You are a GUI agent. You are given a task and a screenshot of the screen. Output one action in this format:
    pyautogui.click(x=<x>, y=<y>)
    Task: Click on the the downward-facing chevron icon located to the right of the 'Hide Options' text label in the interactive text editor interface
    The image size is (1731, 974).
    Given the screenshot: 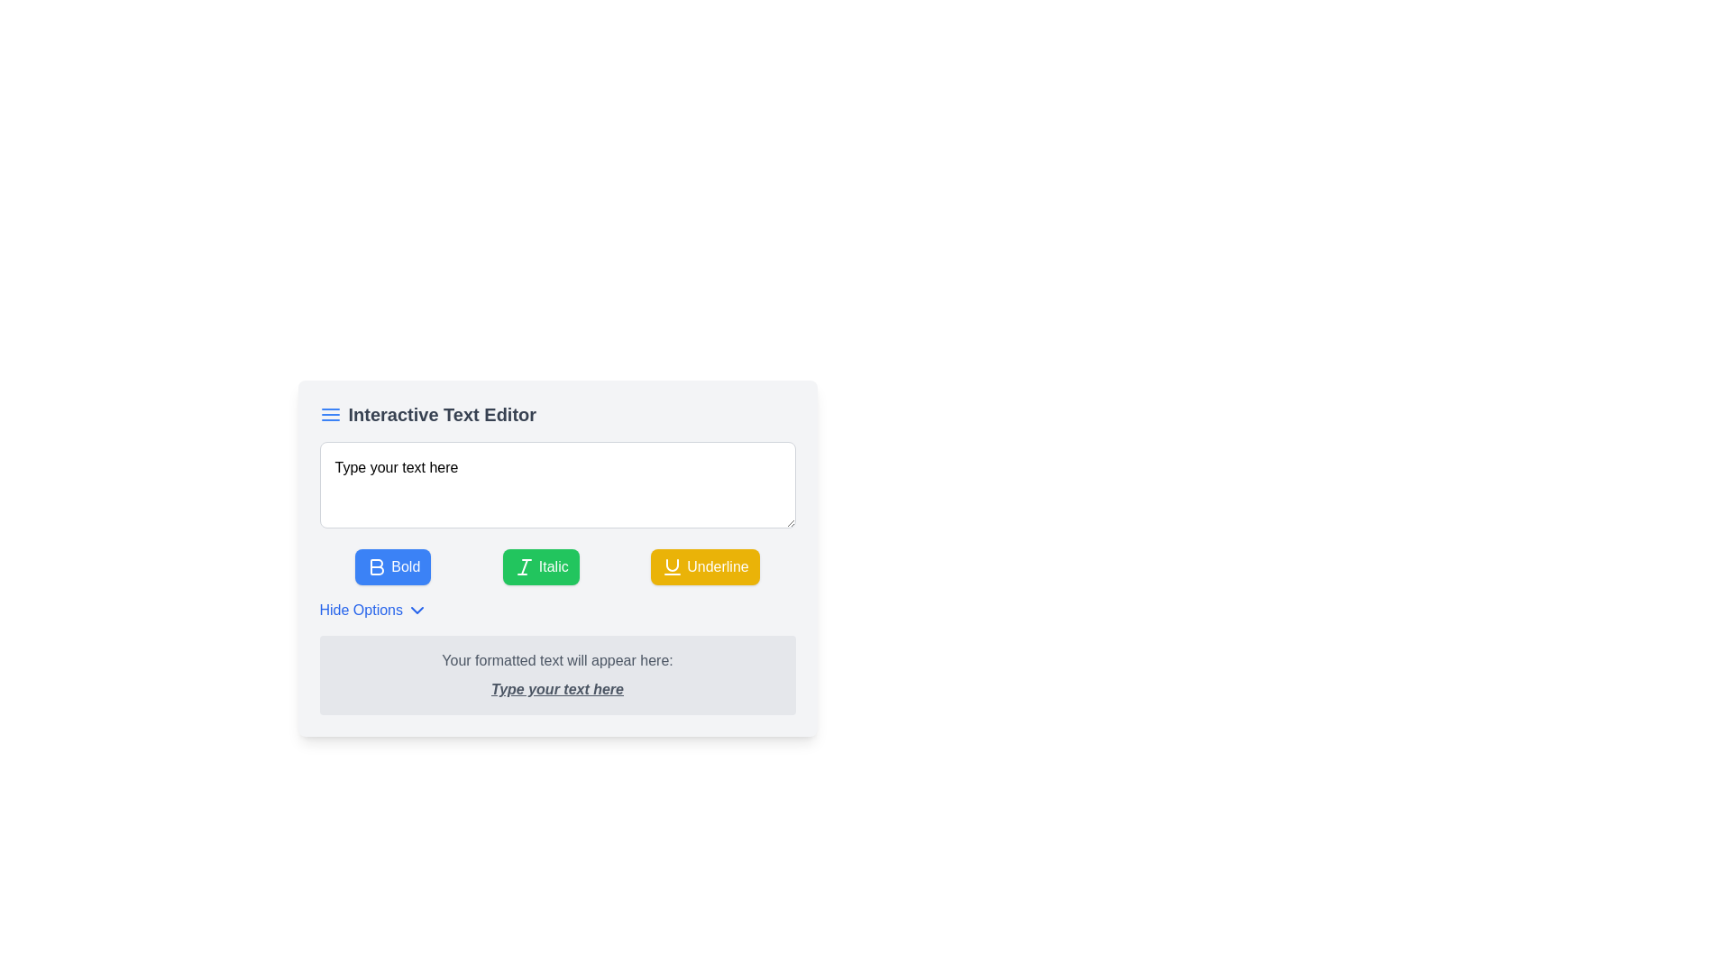 What is the action you would take?
    pyautogui.click(x=416, y=610)
    